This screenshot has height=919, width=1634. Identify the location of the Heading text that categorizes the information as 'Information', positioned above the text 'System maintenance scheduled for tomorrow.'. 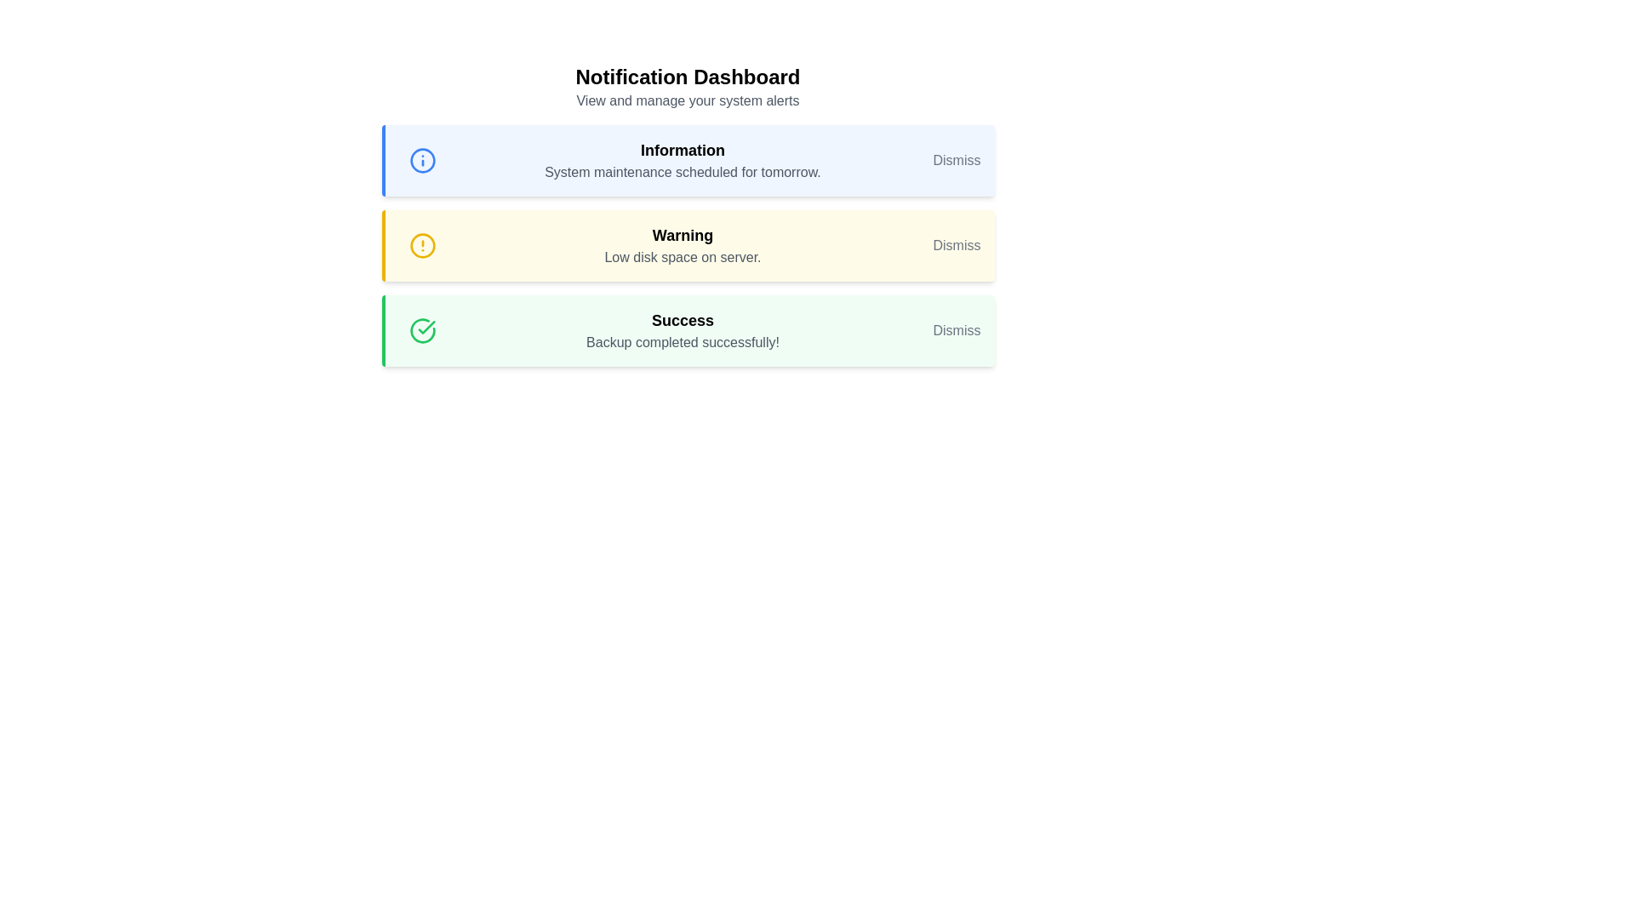
(683, 150).